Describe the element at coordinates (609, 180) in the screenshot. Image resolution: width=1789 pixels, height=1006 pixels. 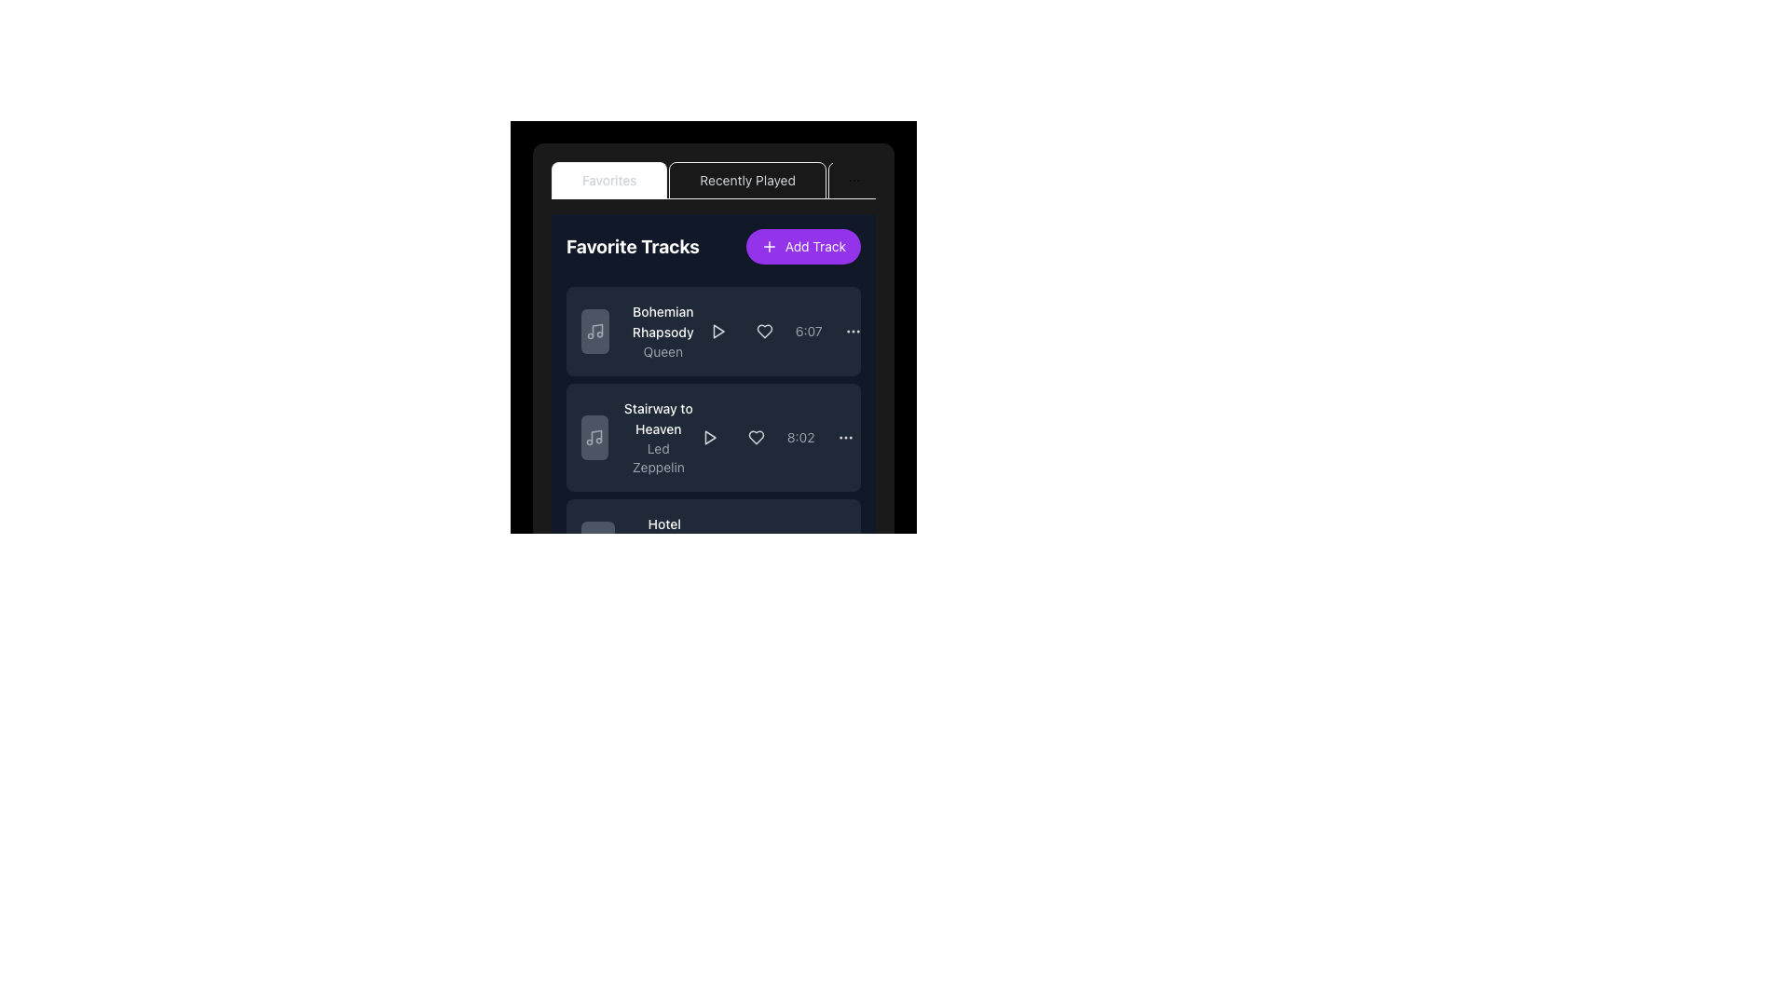
I see `the 'Favorites' navigation tab, which is the first tab in the row located at the top of the content area` at that location.